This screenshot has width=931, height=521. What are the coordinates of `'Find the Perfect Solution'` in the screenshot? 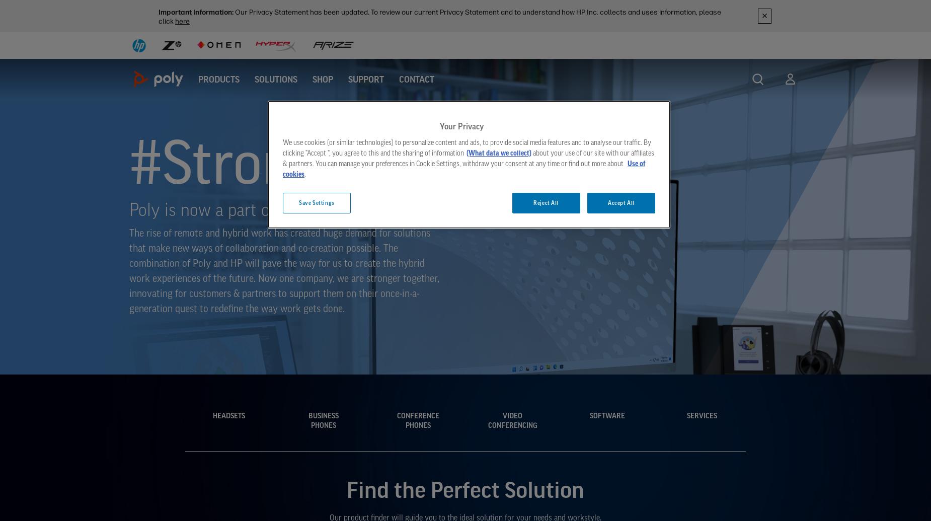 It's located at (346, 488).